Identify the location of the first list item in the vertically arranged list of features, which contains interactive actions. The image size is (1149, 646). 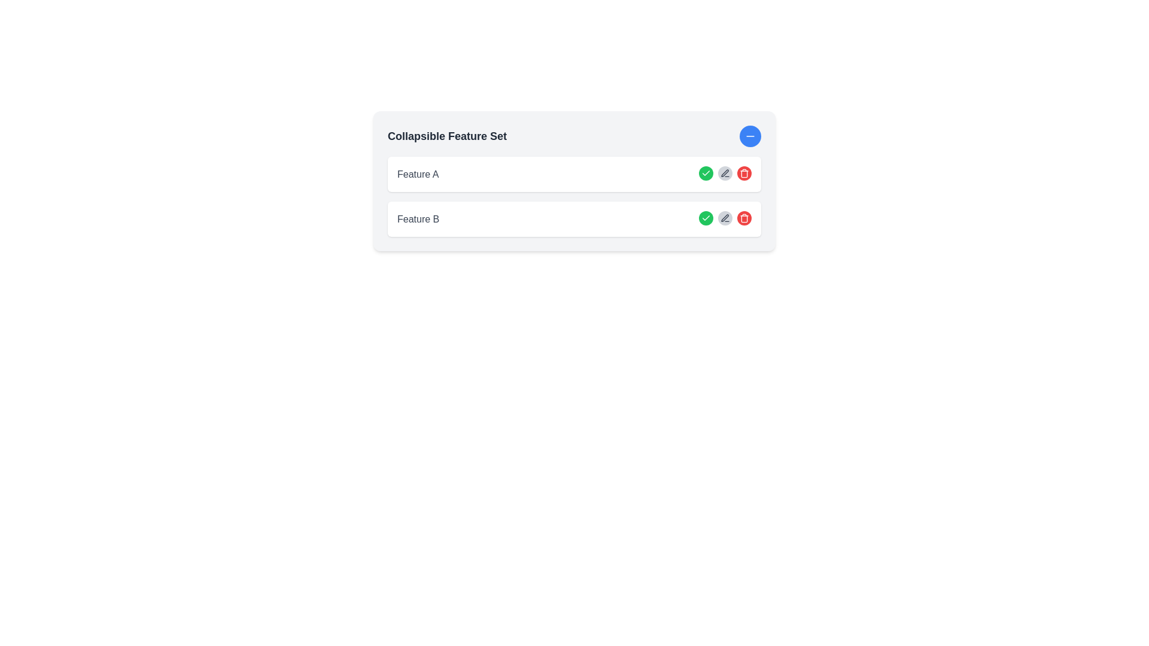
(574, 174).